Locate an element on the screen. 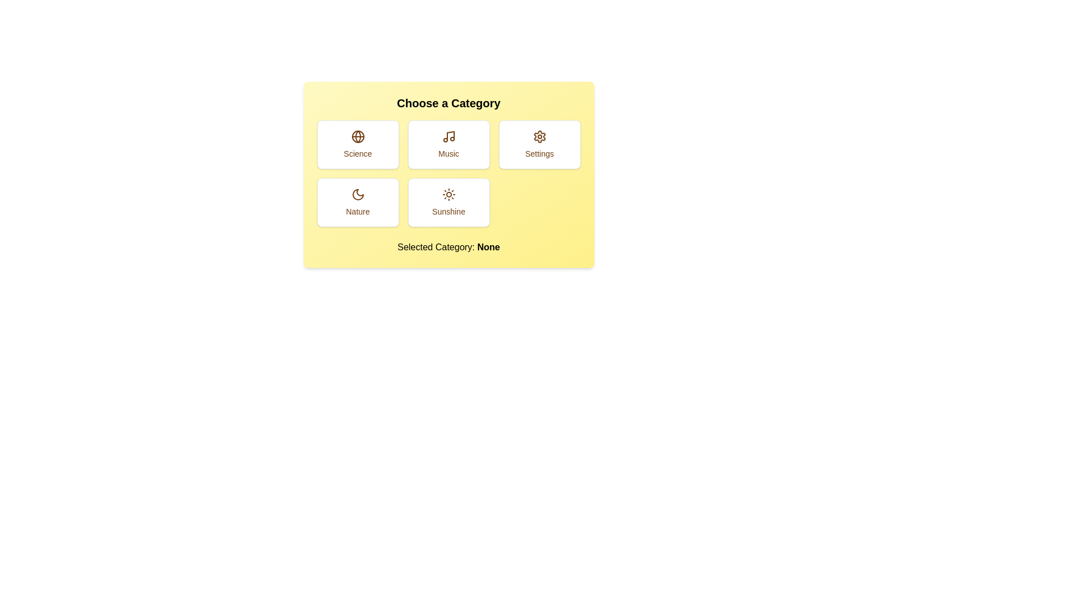 The height and width of the screenshot is (613, 1090). the 'Nature' label text, which is styled with a small and thin brown font beneath a moon-shaped icon in a yellow and white card element is located at coordinates (357, 212).